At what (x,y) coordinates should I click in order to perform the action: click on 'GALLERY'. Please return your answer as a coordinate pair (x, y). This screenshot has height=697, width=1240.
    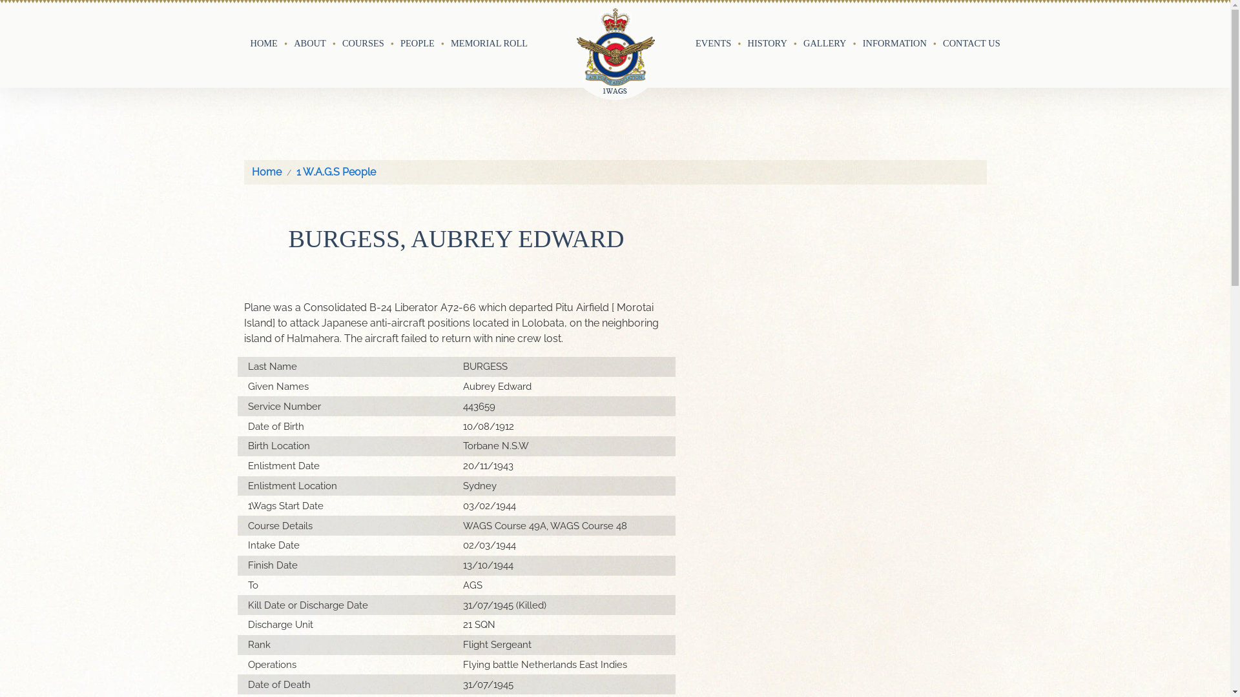
    Looking at the image, I should click on (823, 43).